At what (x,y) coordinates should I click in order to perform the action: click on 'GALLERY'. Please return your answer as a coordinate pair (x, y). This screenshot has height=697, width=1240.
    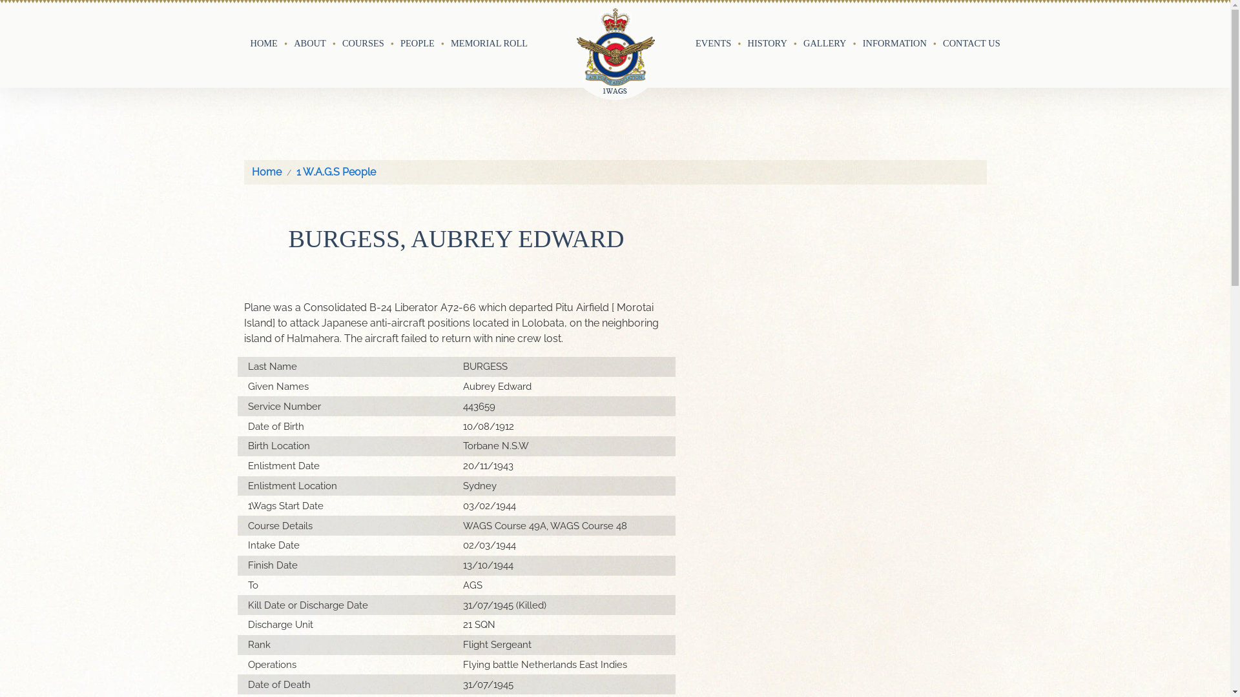
    Looking at the image, I should click on (823, 43).